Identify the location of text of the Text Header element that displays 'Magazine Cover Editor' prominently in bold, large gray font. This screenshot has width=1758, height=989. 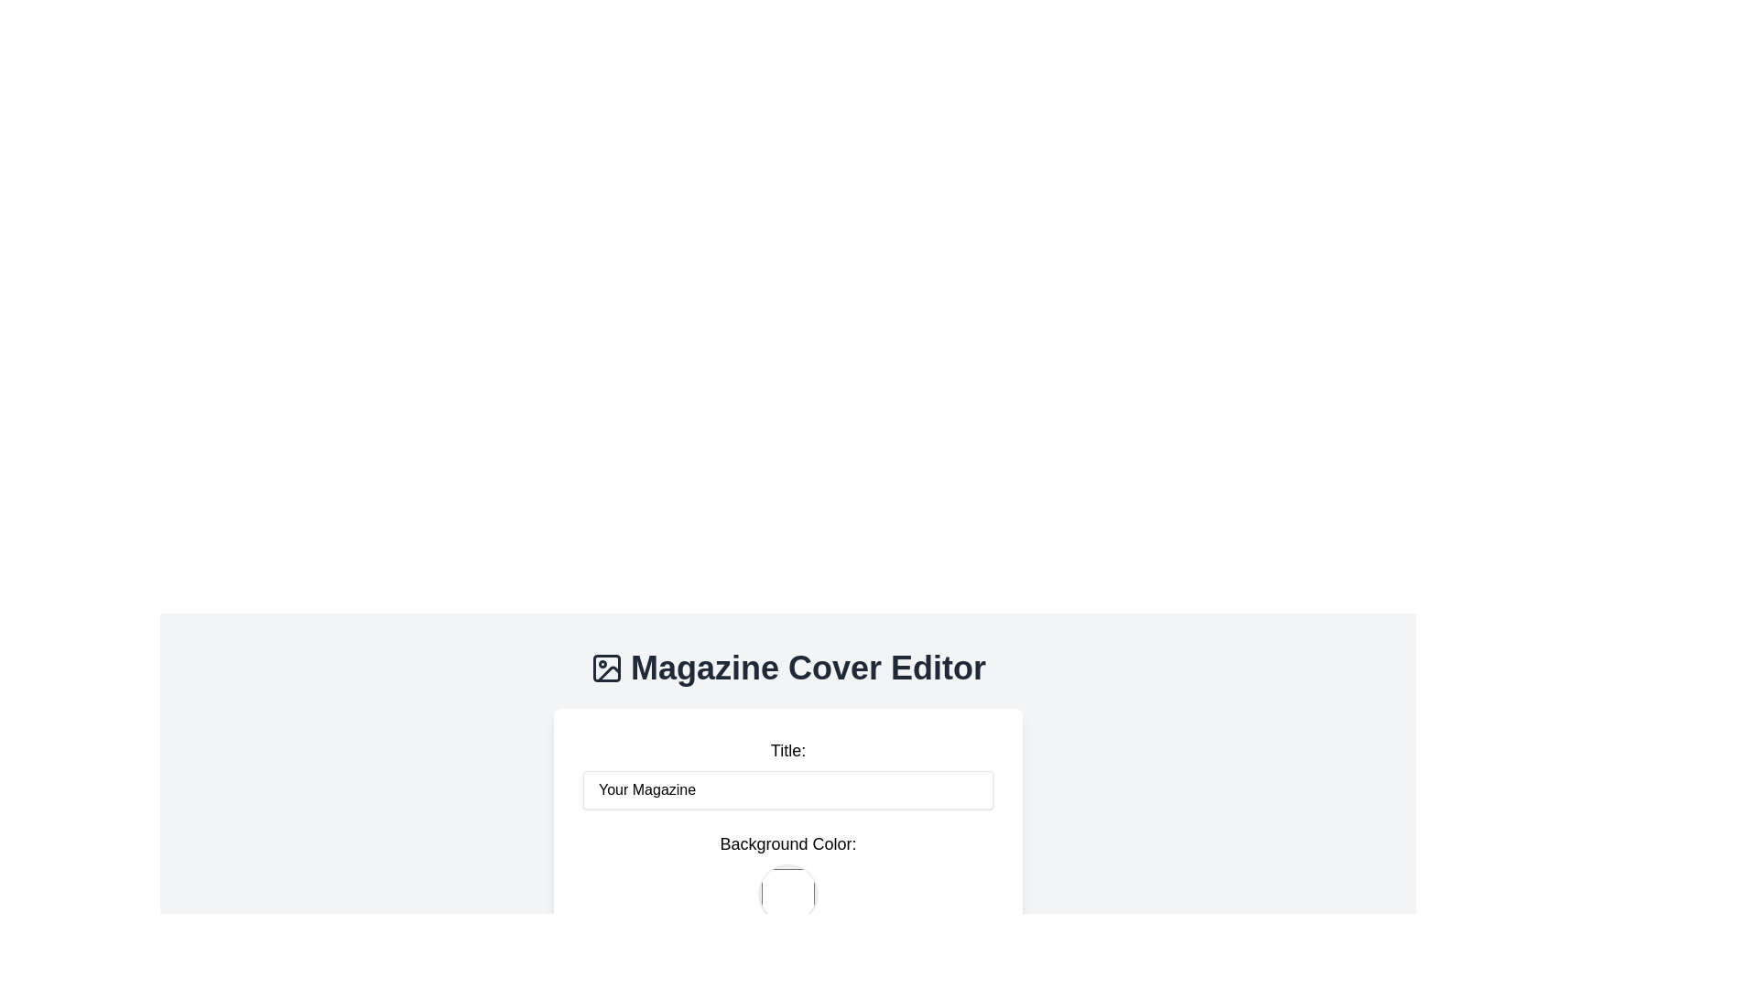
(787, 668).